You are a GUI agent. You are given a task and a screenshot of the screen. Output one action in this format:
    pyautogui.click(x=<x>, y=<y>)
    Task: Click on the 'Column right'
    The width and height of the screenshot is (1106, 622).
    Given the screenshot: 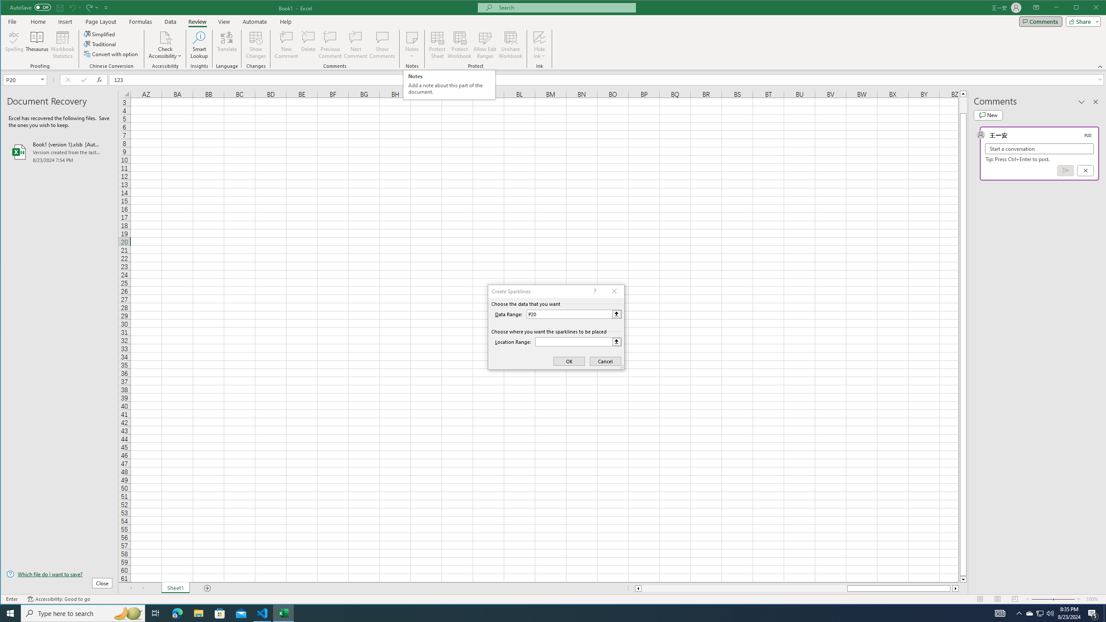 What is the action you would take?
    pyautogui.click(x=956, y=588)
    